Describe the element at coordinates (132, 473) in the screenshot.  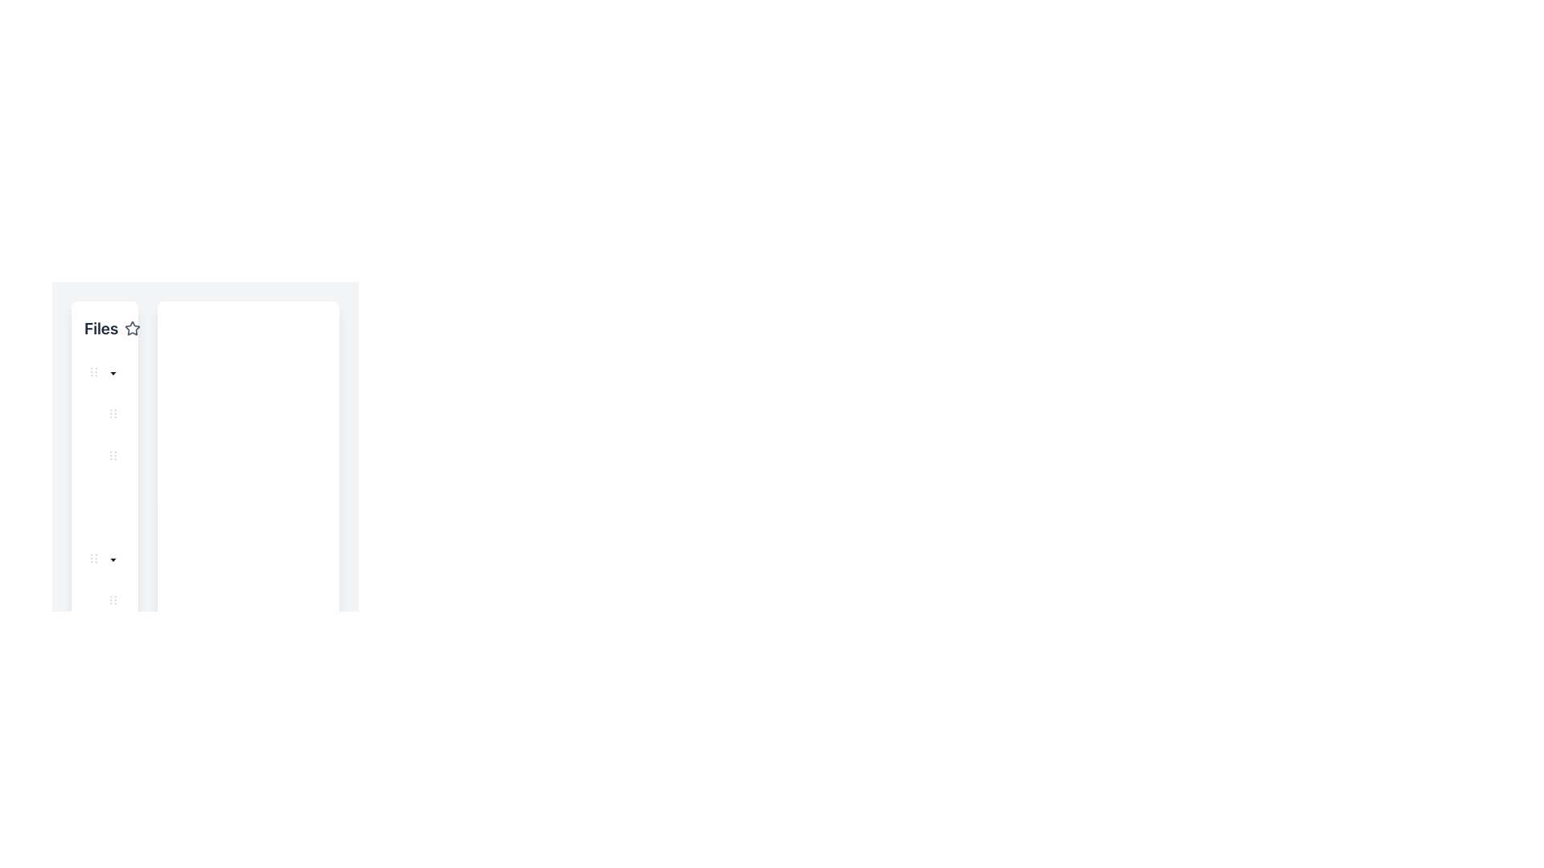
I see `the toggle switch button for the 'Meeting Notes' folder` at that location.